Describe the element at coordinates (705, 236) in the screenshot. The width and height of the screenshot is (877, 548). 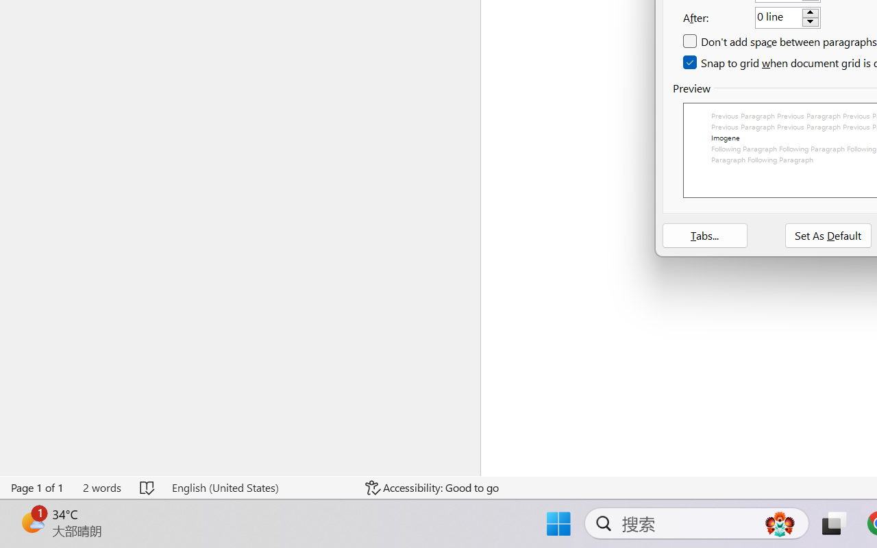
I see `'Tabs...'` at that location.